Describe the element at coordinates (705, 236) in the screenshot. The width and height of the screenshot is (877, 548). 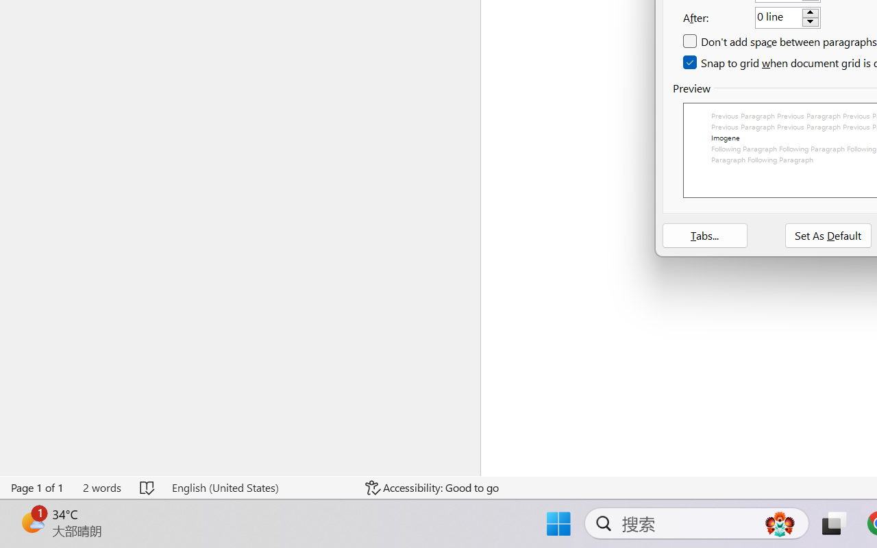
I see `'Tabs...'` at that location.